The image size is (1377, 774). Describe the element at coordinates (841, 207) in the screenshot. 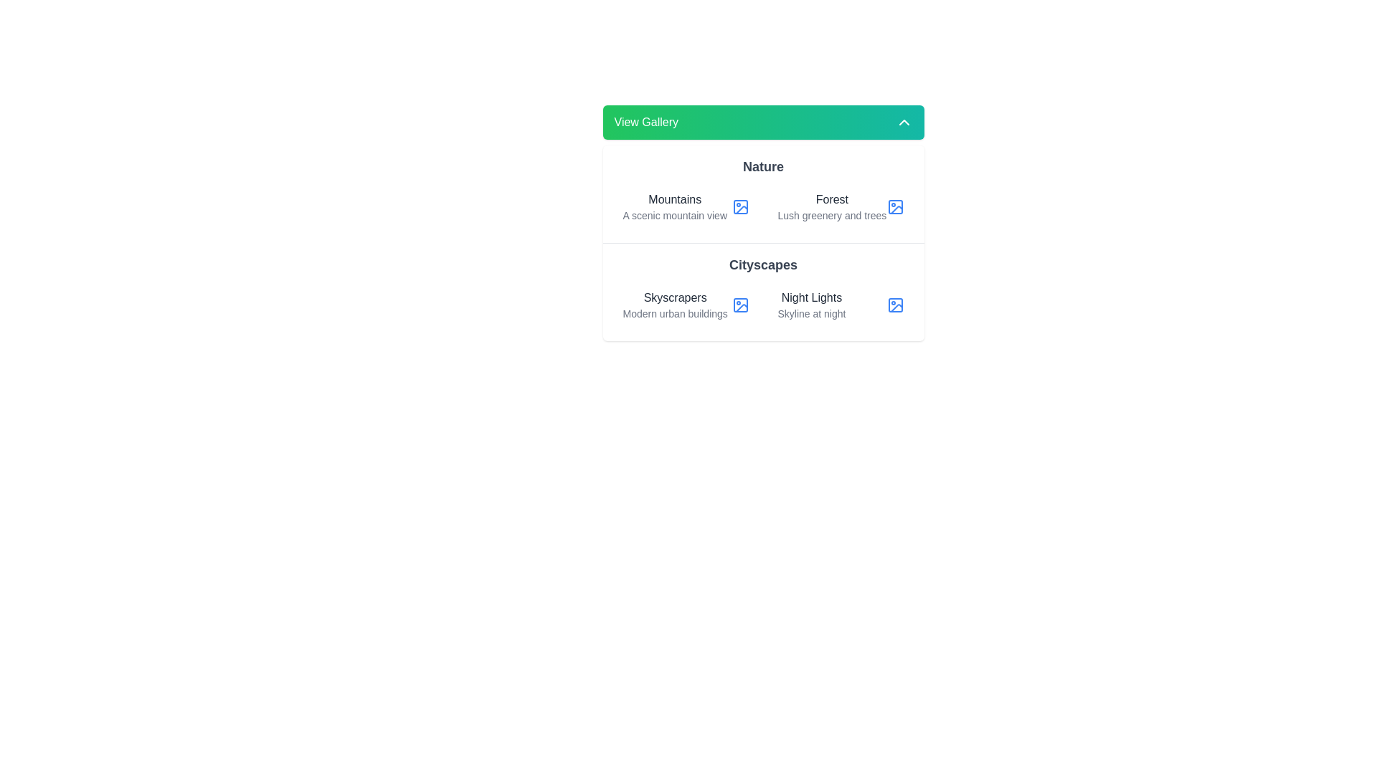

I see `the Category tile labeled 'Forest' which features a title and subtitle along with a blue icon, located under the 'Nature' header` at that location.